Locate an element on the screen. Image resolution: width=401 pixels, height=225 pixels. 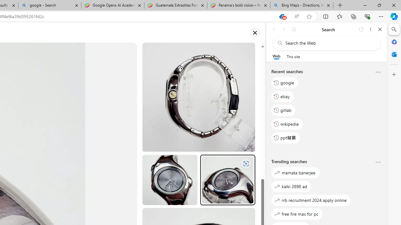
'gitlab' is located at coordinates (283, 110).